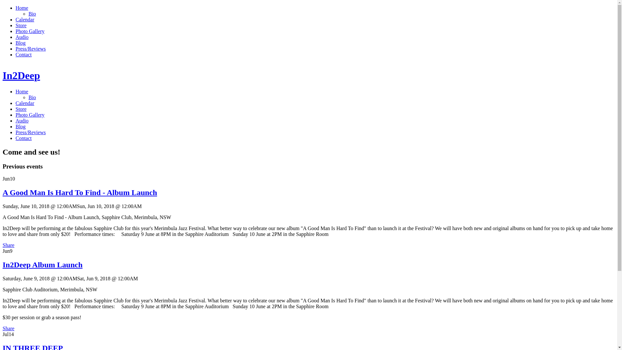 The image size is (622, 350). Describe the element at coordinates (22, 91) in the screenshot. I see `'Home'` at that location.